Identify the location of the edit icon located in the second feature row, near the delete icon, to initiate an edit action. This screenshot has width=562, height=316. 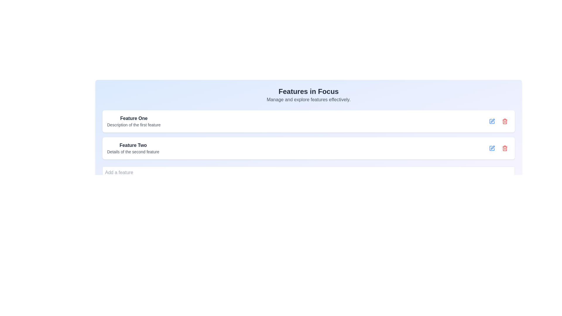
(492, 147).